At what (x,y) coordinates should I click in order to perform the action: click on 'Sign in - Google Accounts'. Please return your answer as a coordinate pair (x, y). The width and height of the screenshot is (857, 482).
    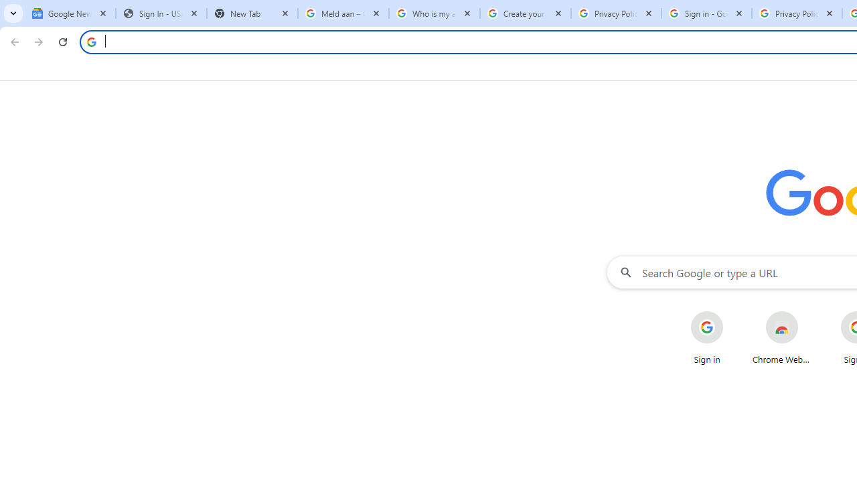
    Looking at the image, I should click on (706, 13).